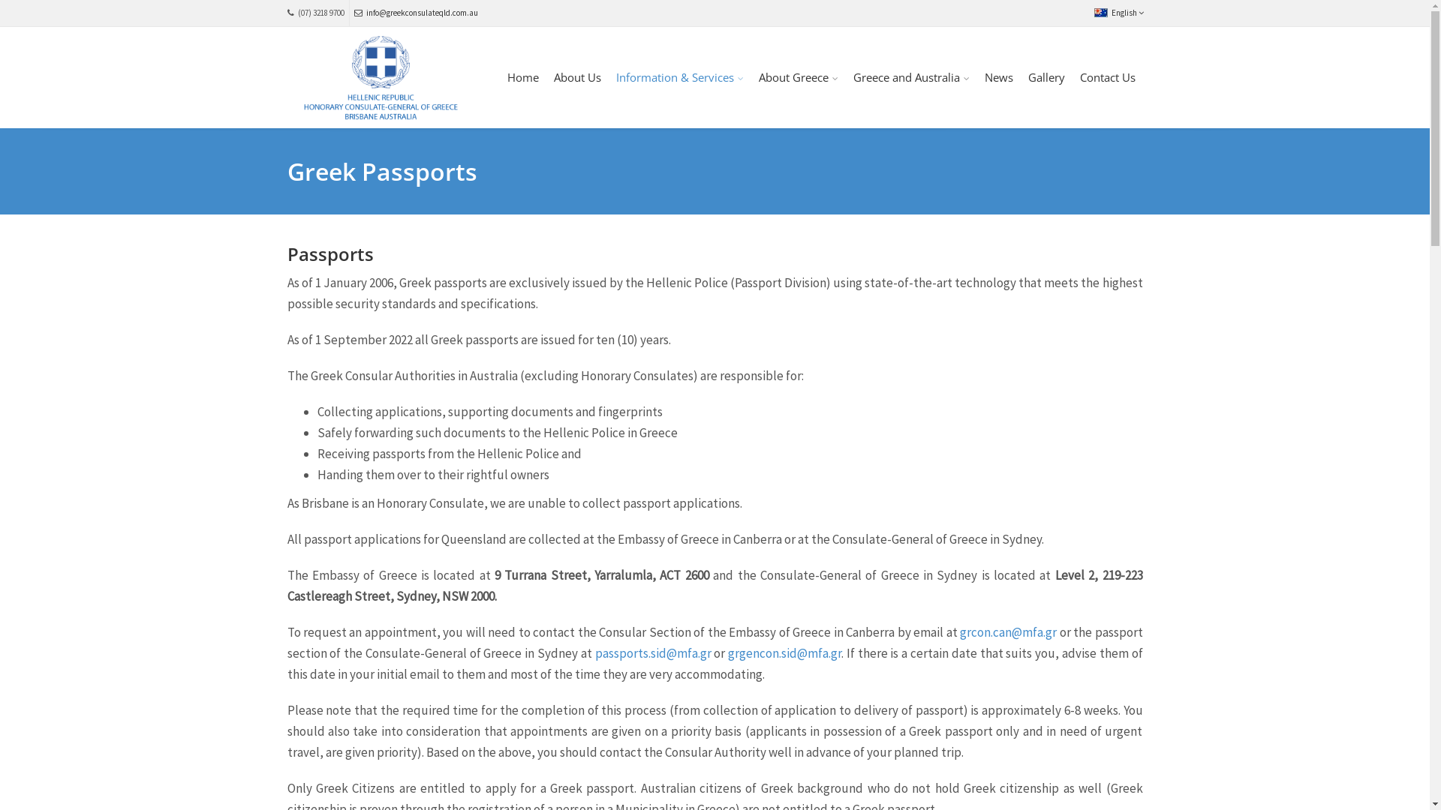  I want to click on 'News', so click(998, 77).